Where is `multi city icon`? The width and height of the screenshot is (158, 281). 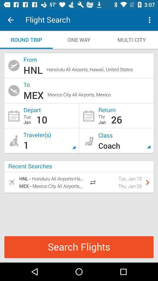 multi city icon is located at coordinates (131, 40).